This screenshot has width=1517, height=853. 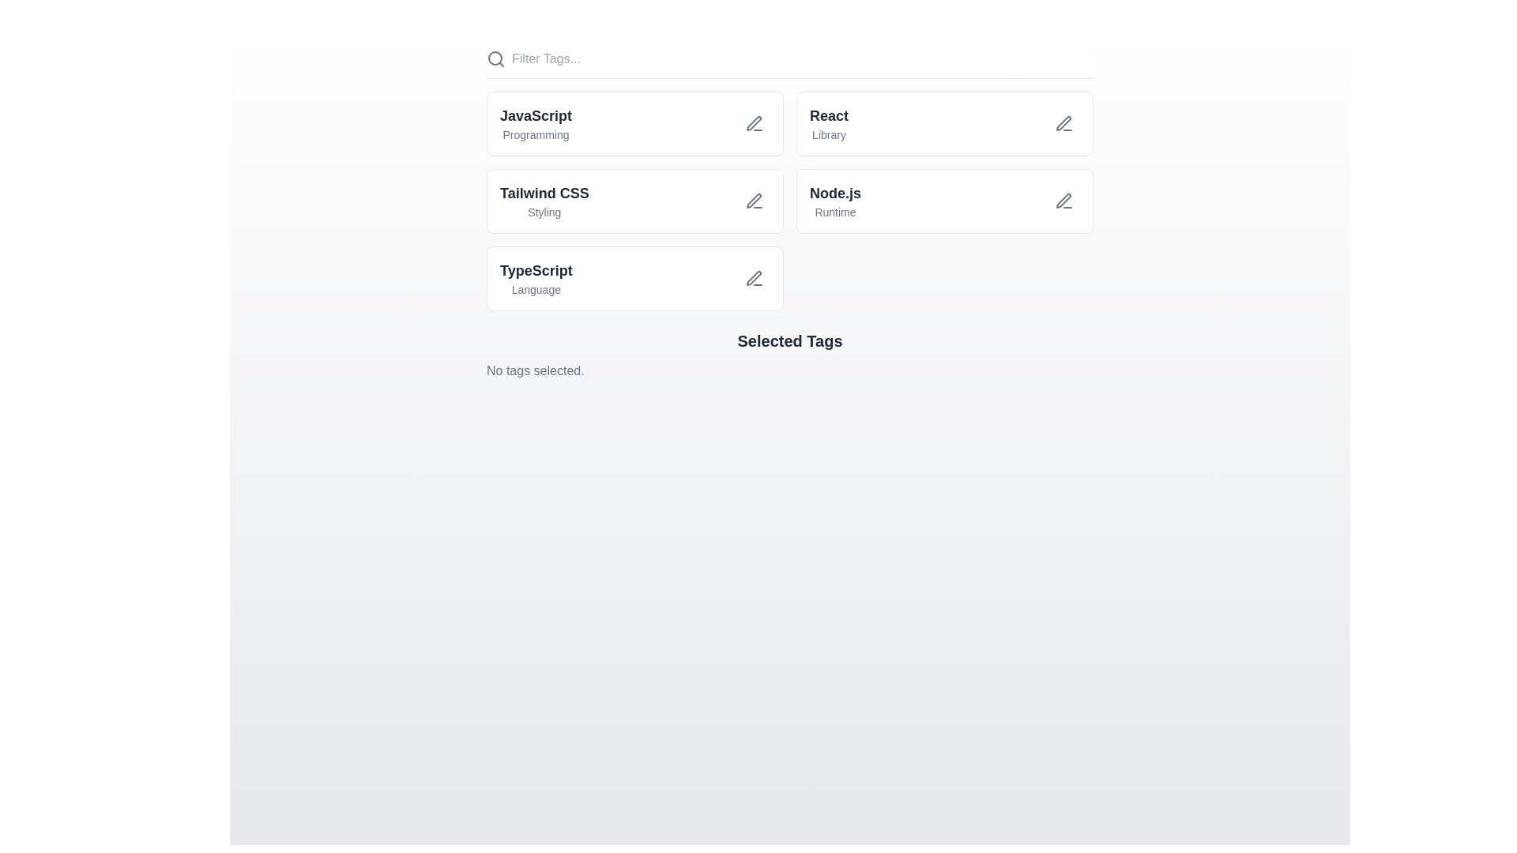 What do you see at coordinates (544, 193) in the screenshot?
I see `the bold text label reading 'Tailwind CSS' for accessibility purposes` at bounding box center [544, 193].